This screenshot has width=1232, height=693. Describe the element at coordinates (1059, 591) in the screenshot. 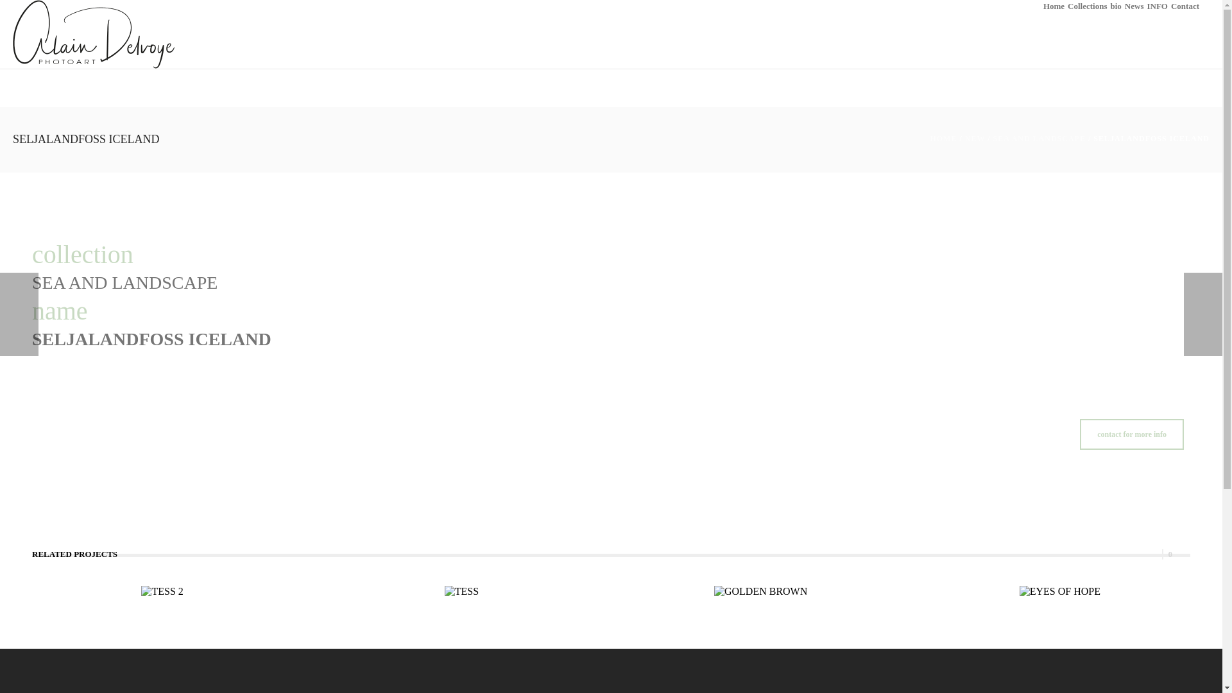

I see `'EYES OF HOPE'` at that location.